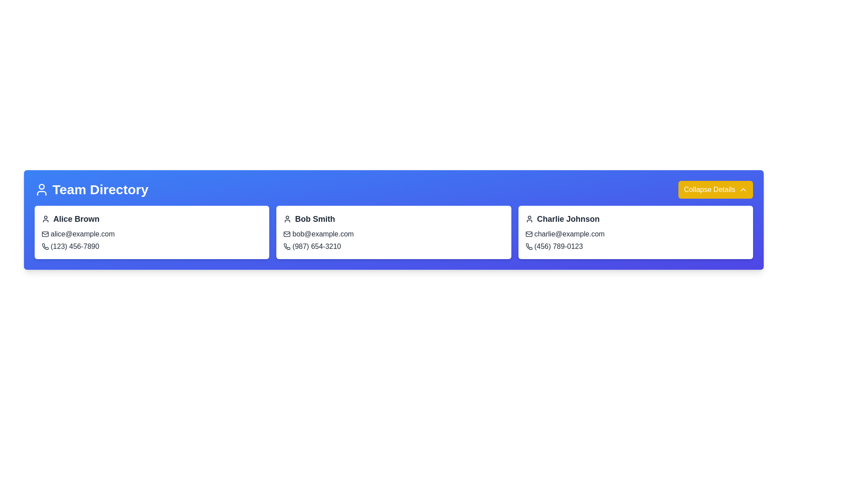 Image resolution: width=853 pixels, height=480 pixels. What do you see at coordinates (287, 219) in the screenshot?
I see `the user icon representing 'Bob Smith' in the directory layout` at bounding box center [287, 219].